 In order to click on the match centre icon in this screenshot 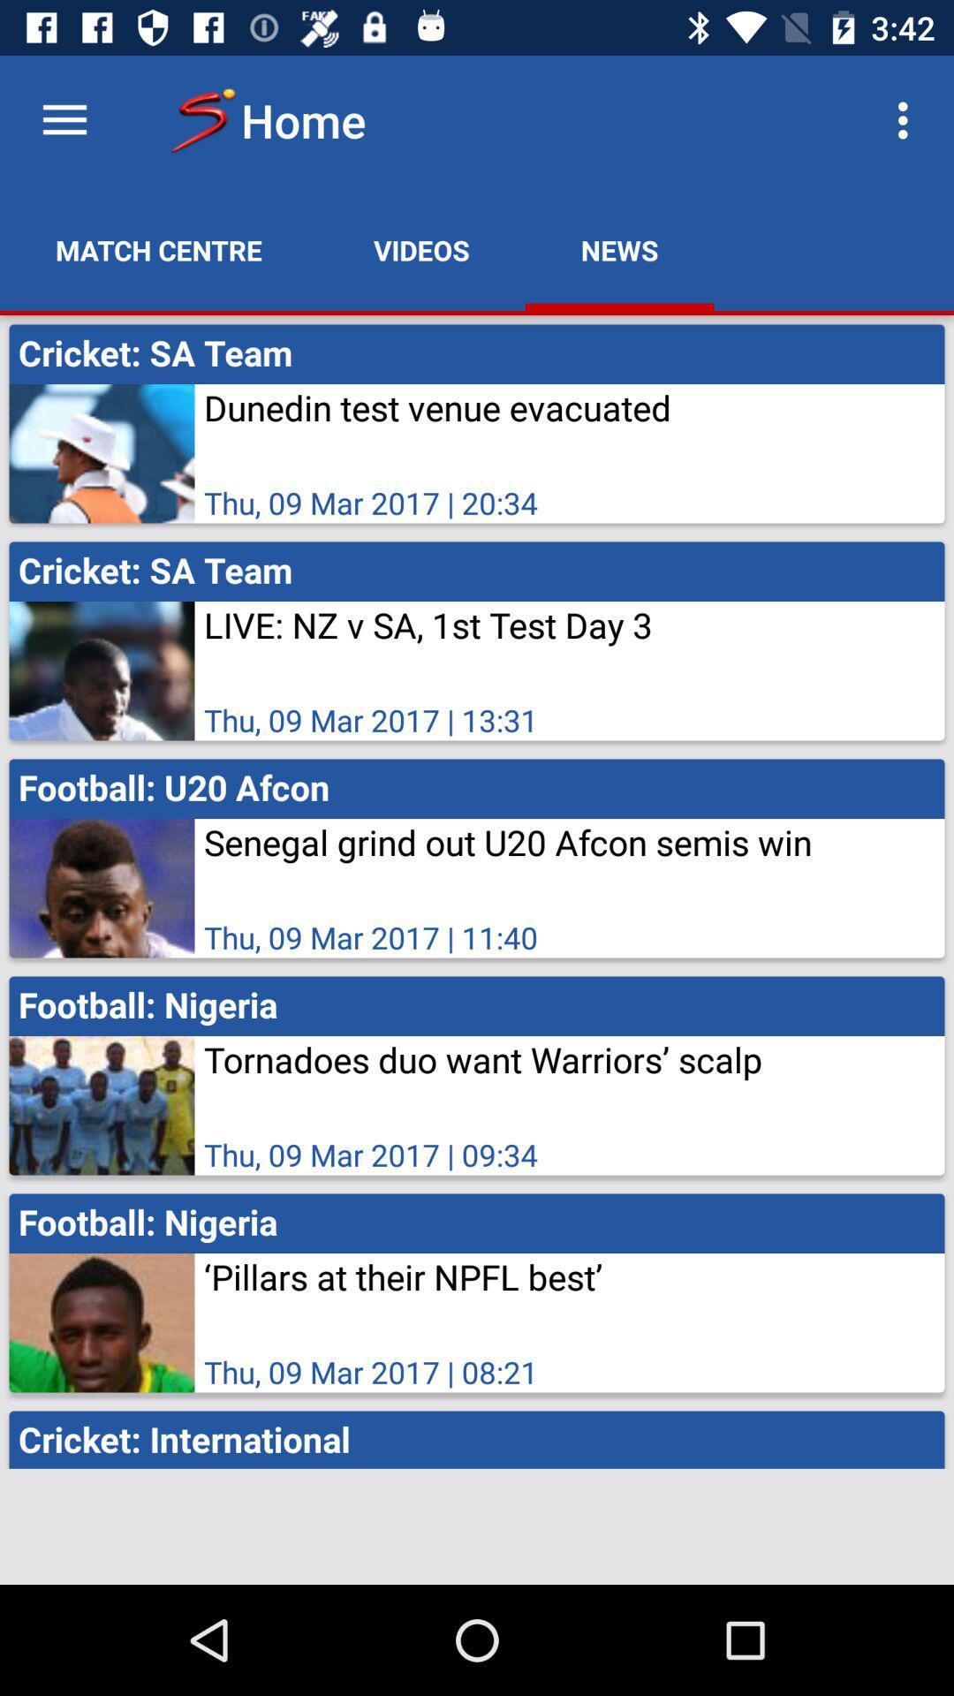, I will do `click(159, 249)`.